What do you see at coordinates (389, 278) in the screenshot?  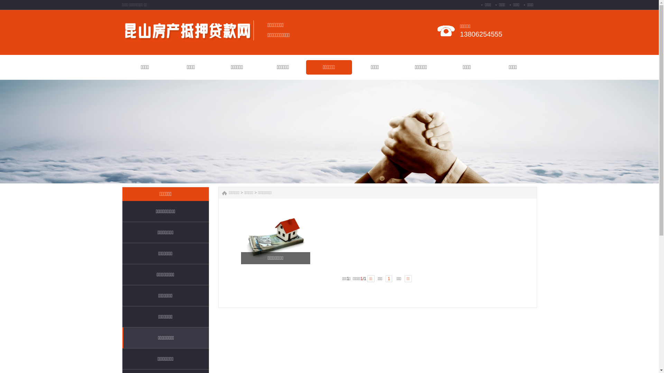 I see `'1'` at bounding box center [389, 278].